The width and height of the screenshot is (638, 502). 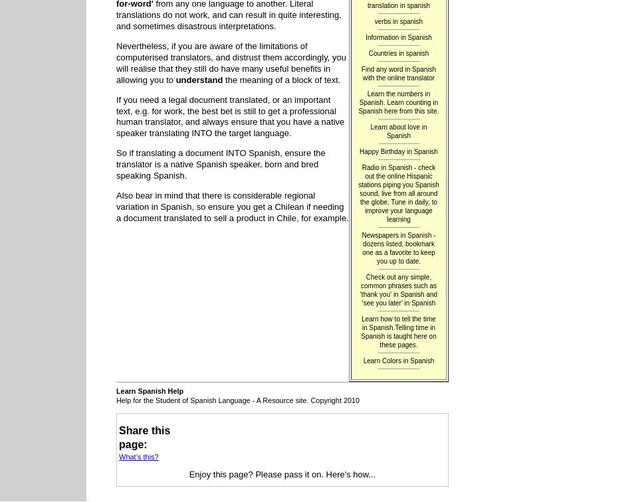 What do you see at coordinates (360, 72) in the screenshot?
I see `'Find any word in Spanish with the online translator'` at bounding box center [360, 72].